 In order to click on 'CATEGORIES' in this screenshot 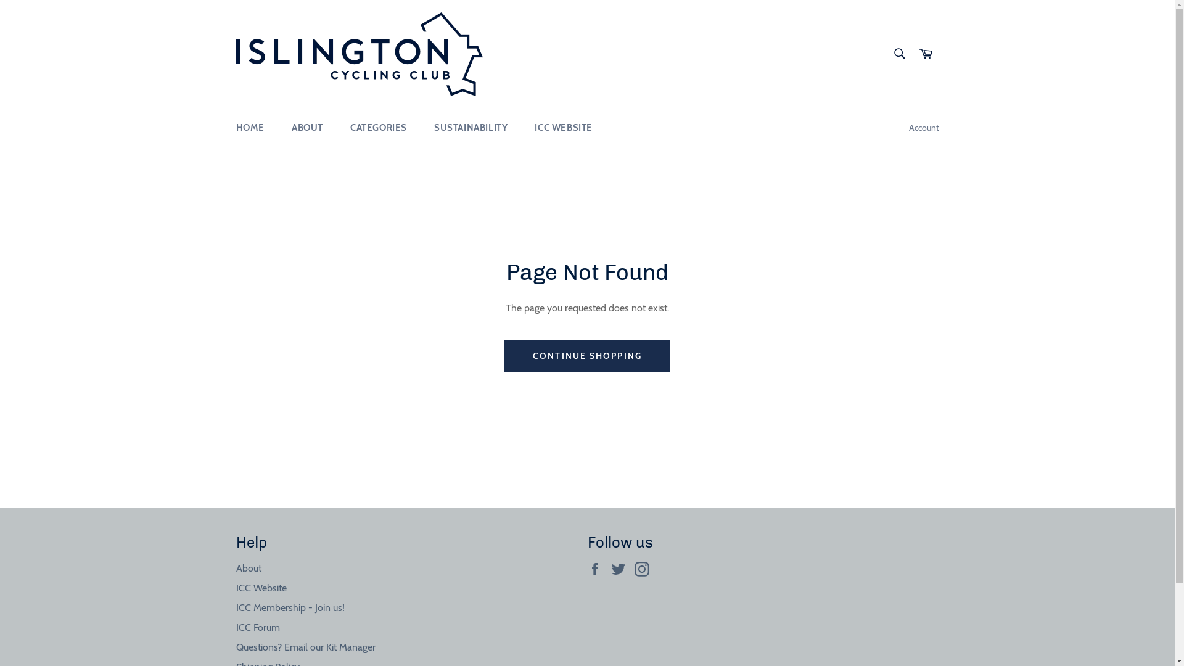, I will do `click(378, 128)`.